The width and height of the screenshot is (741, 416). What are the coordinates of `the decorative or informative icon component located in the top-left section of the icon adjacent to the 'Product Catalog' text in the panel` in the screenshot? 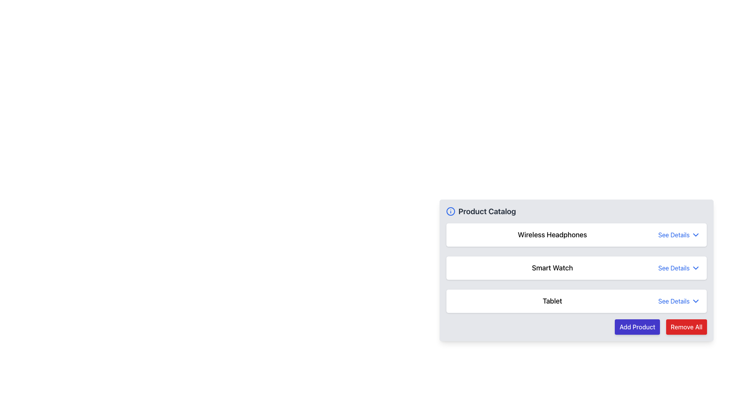 It's located at (450, 211).